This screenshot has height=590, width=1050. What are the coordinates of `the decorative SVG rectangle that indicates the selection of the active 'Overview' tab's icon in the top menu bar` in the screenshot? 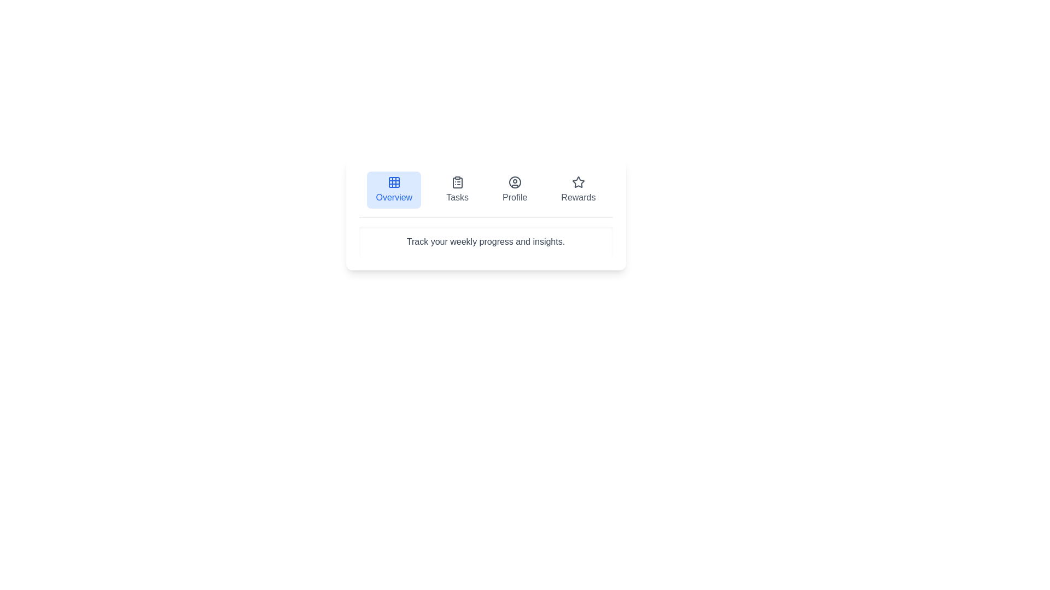 It's located at (394, 182).